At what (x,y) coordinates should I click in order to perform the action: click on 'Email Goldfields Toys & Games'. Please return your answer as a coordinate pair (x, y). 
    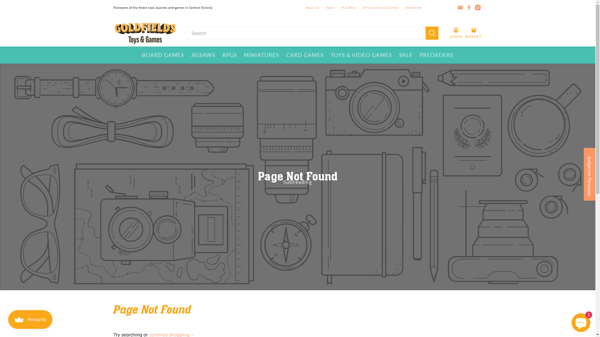
    Looking at the image, I should click on (460, 7).